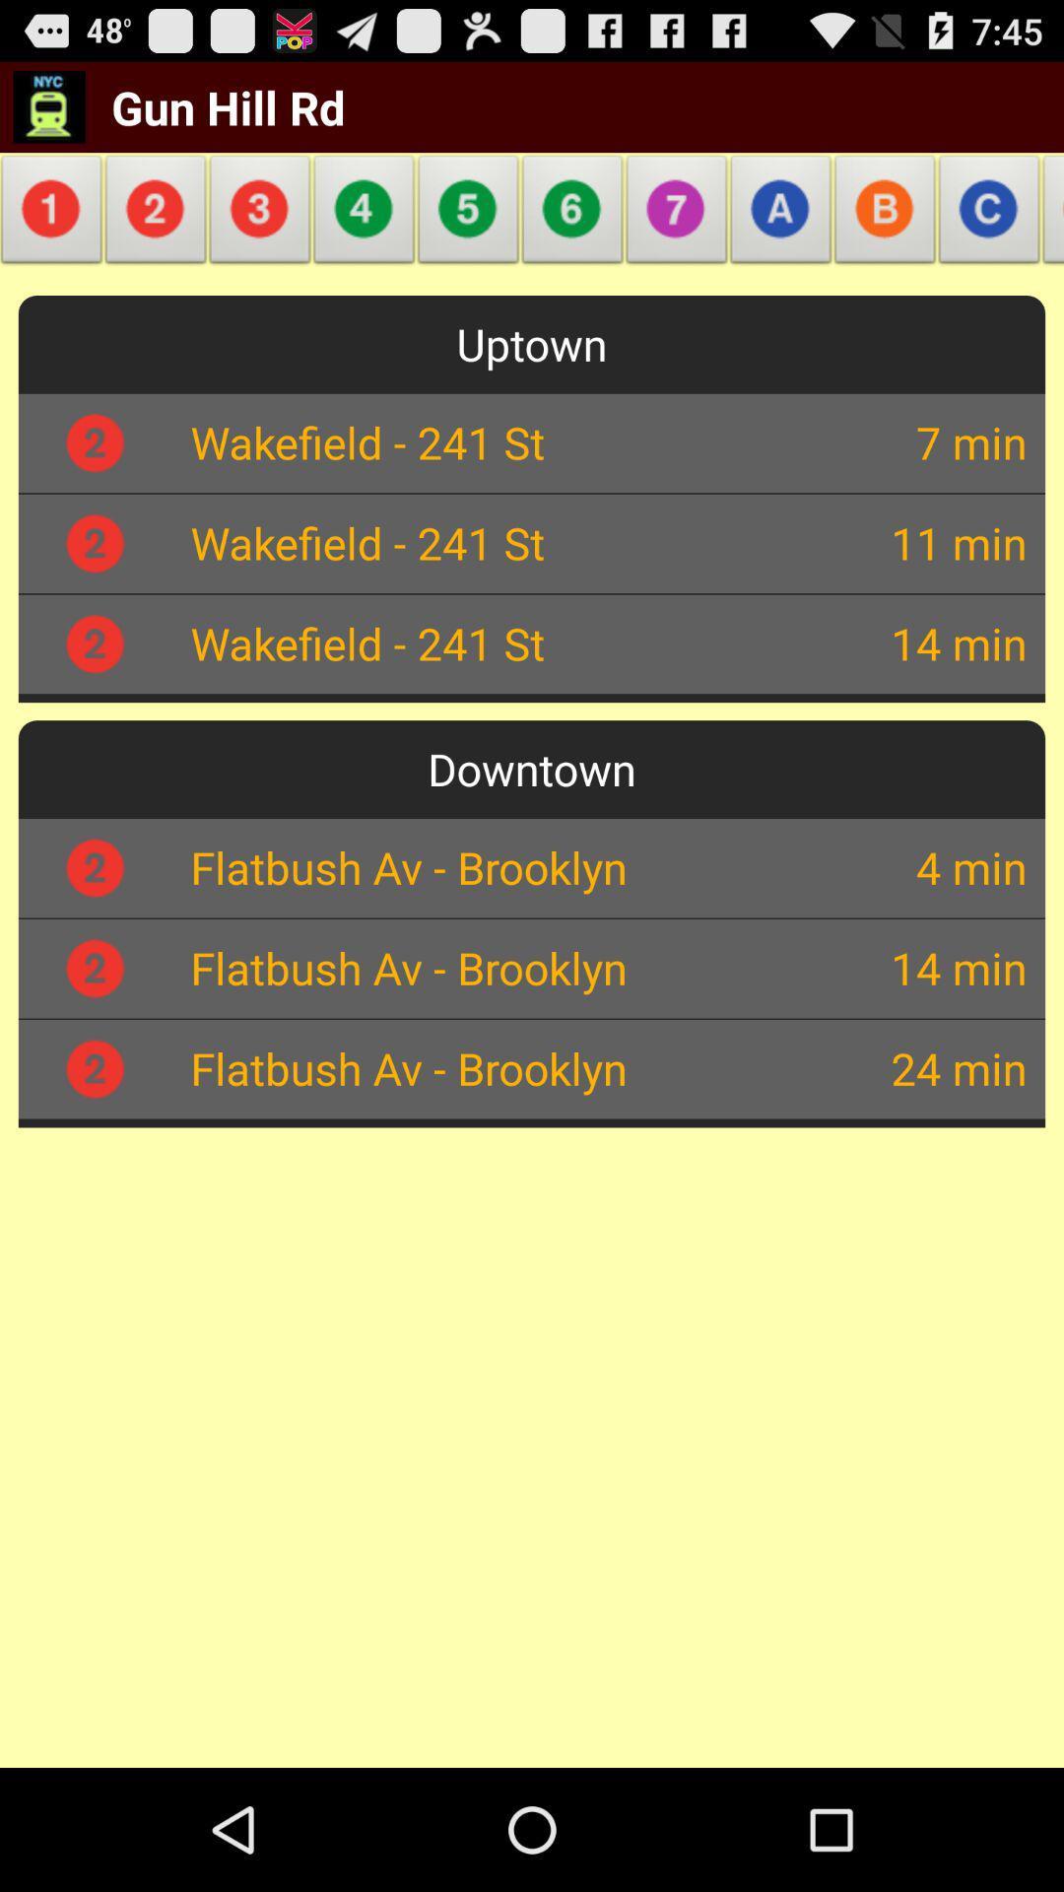  I want to click on the book icon, so click(1047, 230).